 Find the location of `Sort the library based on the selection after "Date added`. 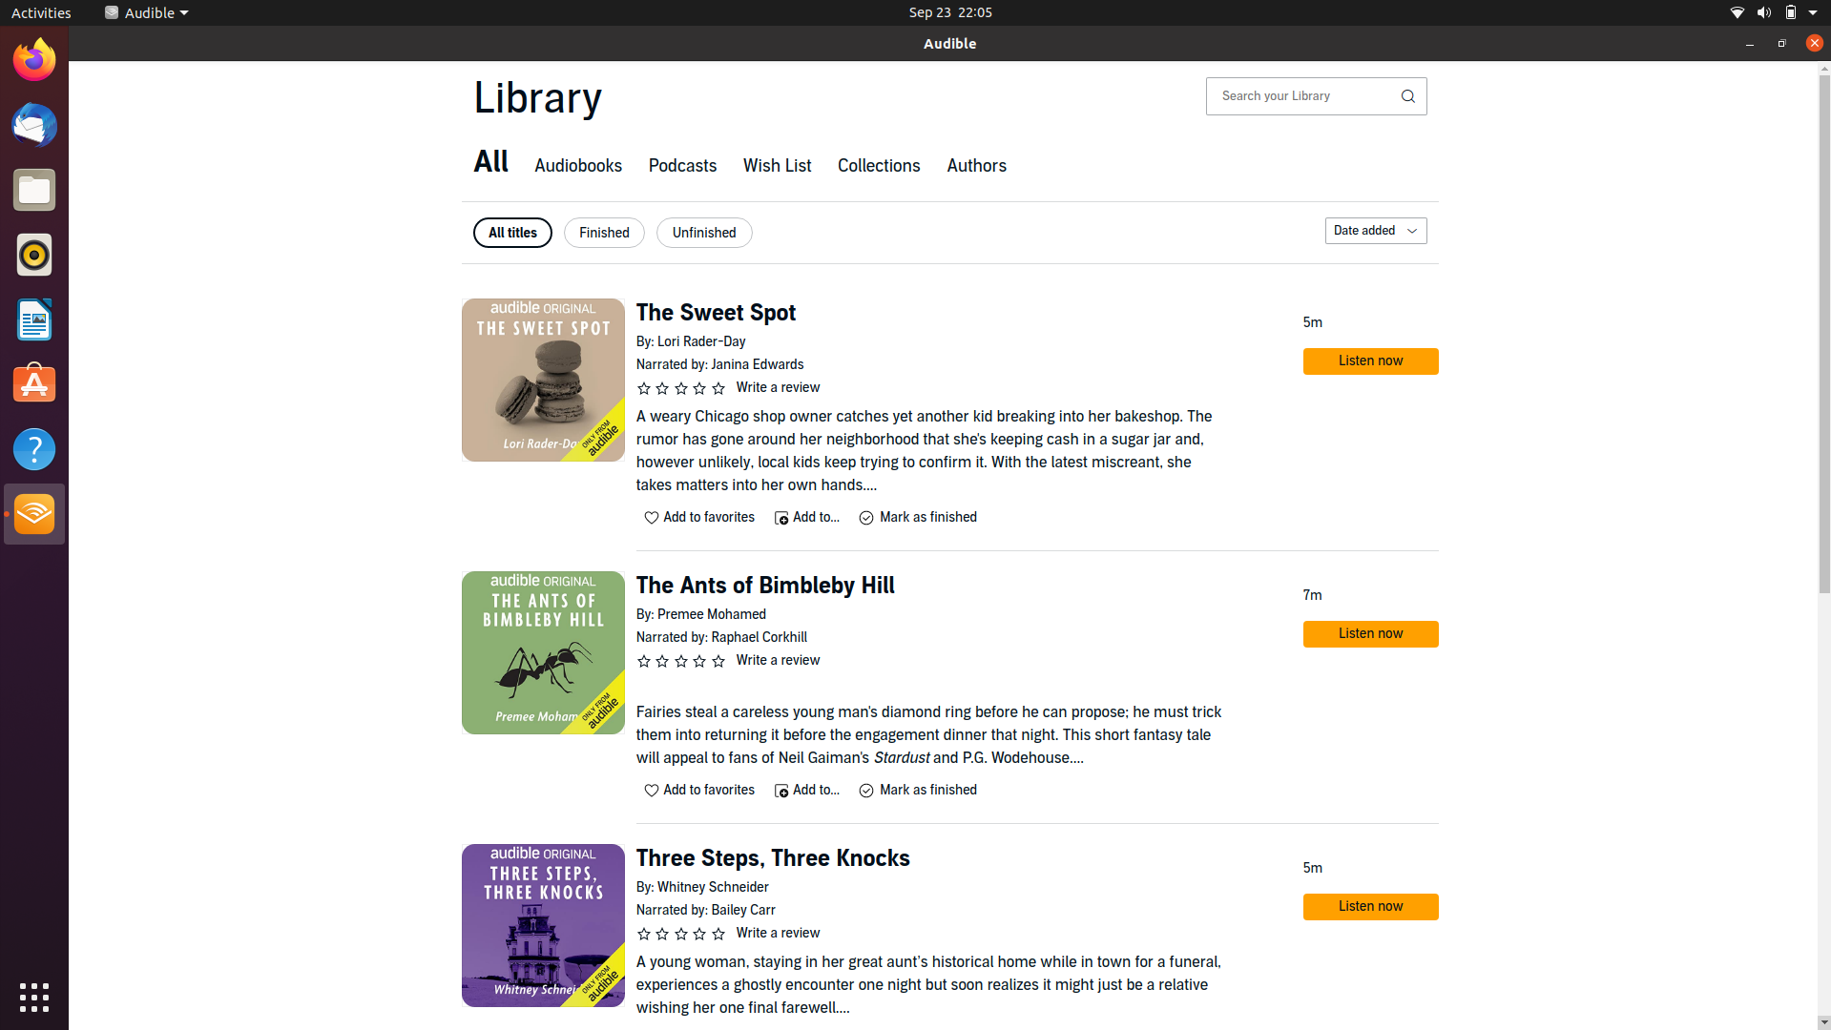

Sort the library based on the selection after "Date added is located at coordinates (1374, 230).